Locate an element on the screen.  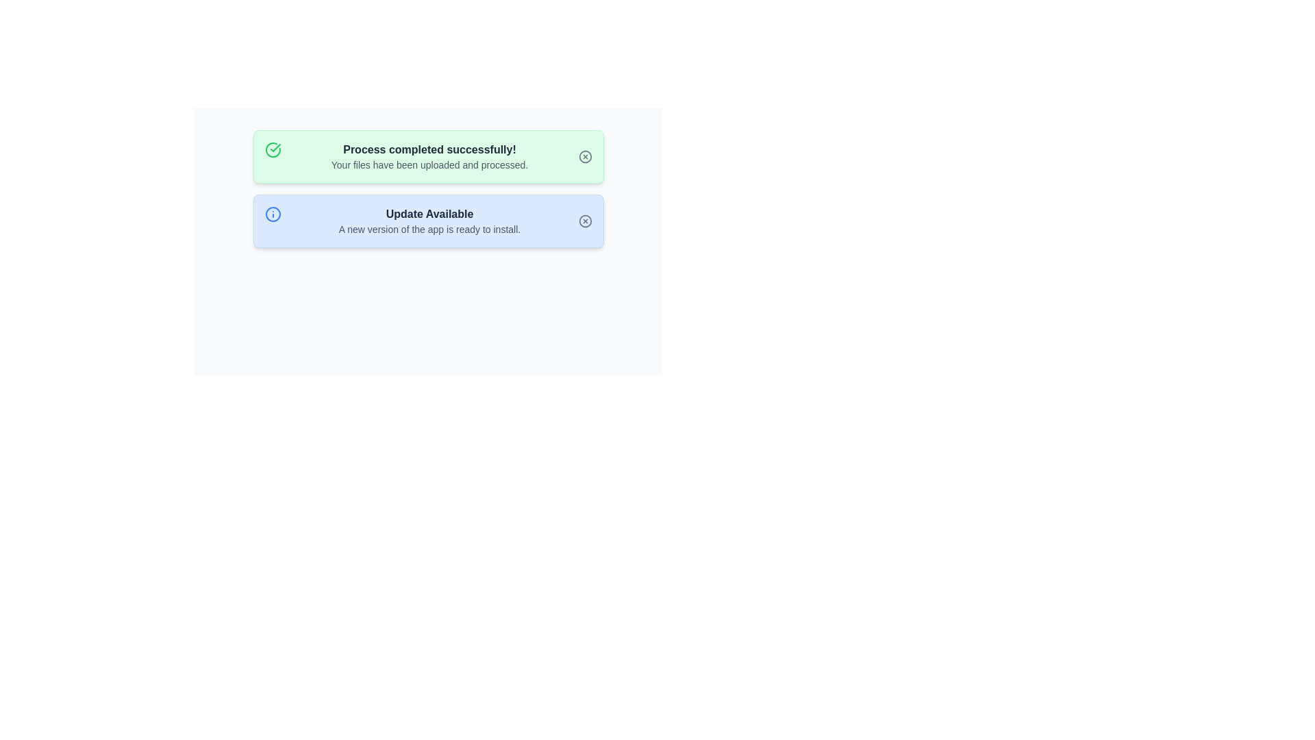
the text element displaying 'Your files have been uploaded and processed.' located below the title 'Process completed successfully!' in the green card layout is located at coordinates (429, 164).